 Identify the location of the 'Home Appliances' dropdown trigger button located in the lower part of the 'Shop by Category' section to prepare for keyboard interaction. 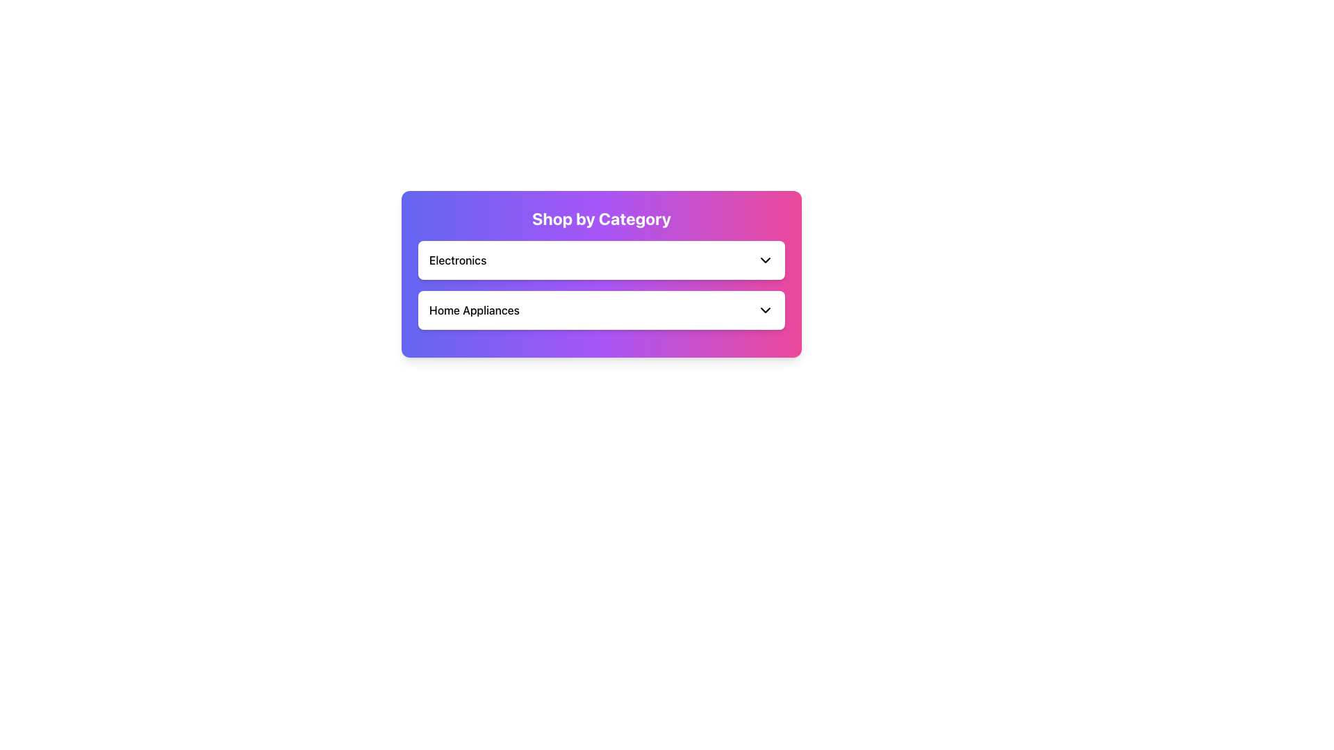
(601, 310).